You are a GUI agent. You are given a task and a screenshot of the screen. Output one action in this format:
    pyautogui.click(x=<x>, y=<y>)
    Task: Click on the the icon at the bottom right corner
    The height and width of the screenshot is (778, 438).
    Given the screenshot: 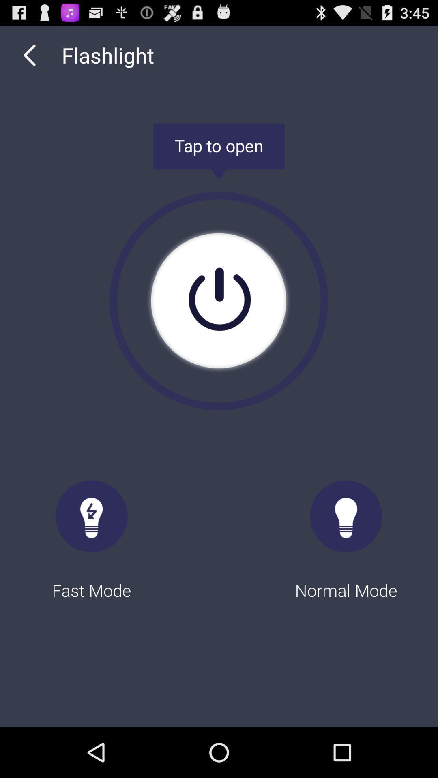 What is the action you would take?
    pyautogui.click(x=346, y=532)
    